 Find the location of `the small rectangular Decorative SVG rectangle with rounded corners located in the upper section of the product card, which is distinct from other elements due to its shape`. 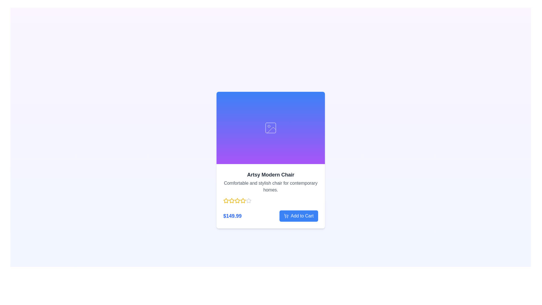

the small rectangular Decorative SVG rectangle with rounded corners located in the upper section of the product card, which is distinct from other elements due to its shape is located at coordinates (270, 128).